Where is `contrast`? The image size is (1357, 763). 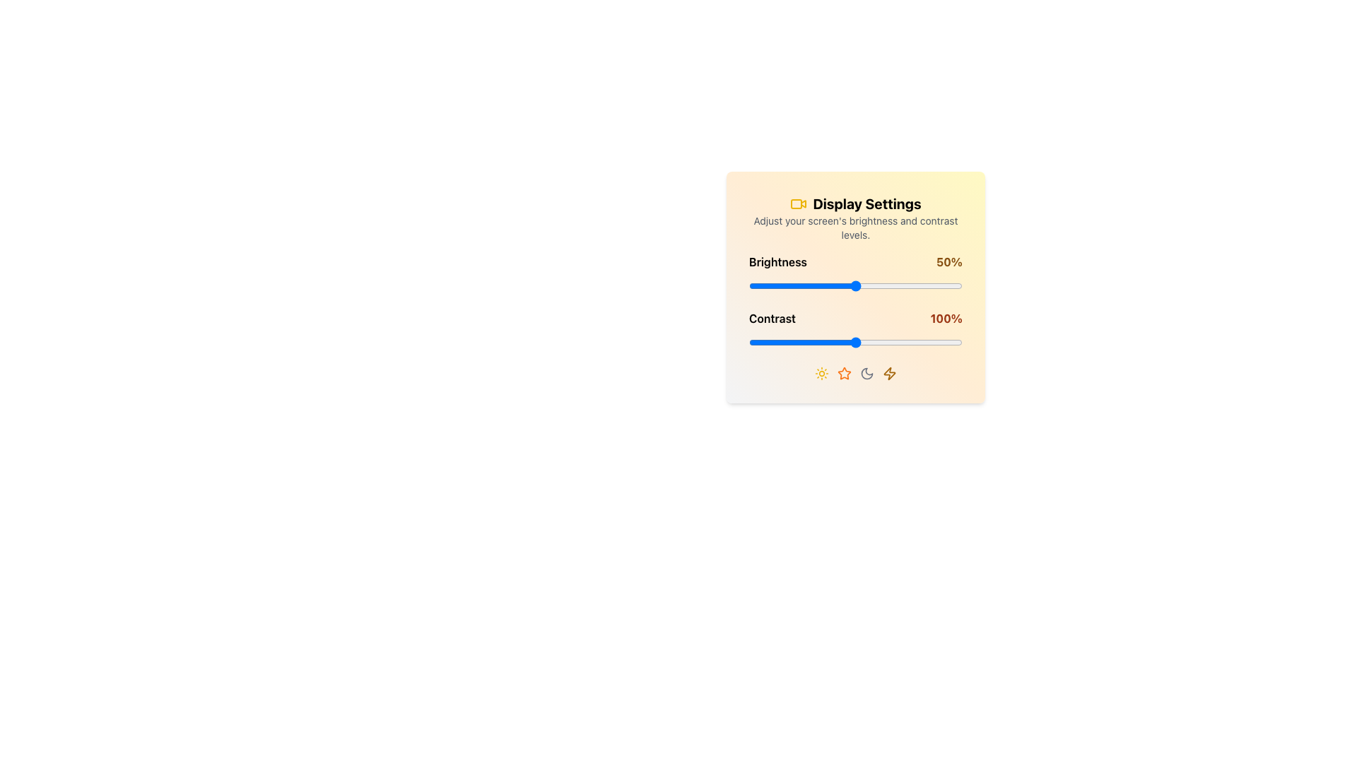 contrast is located at coordinates (780, 343).